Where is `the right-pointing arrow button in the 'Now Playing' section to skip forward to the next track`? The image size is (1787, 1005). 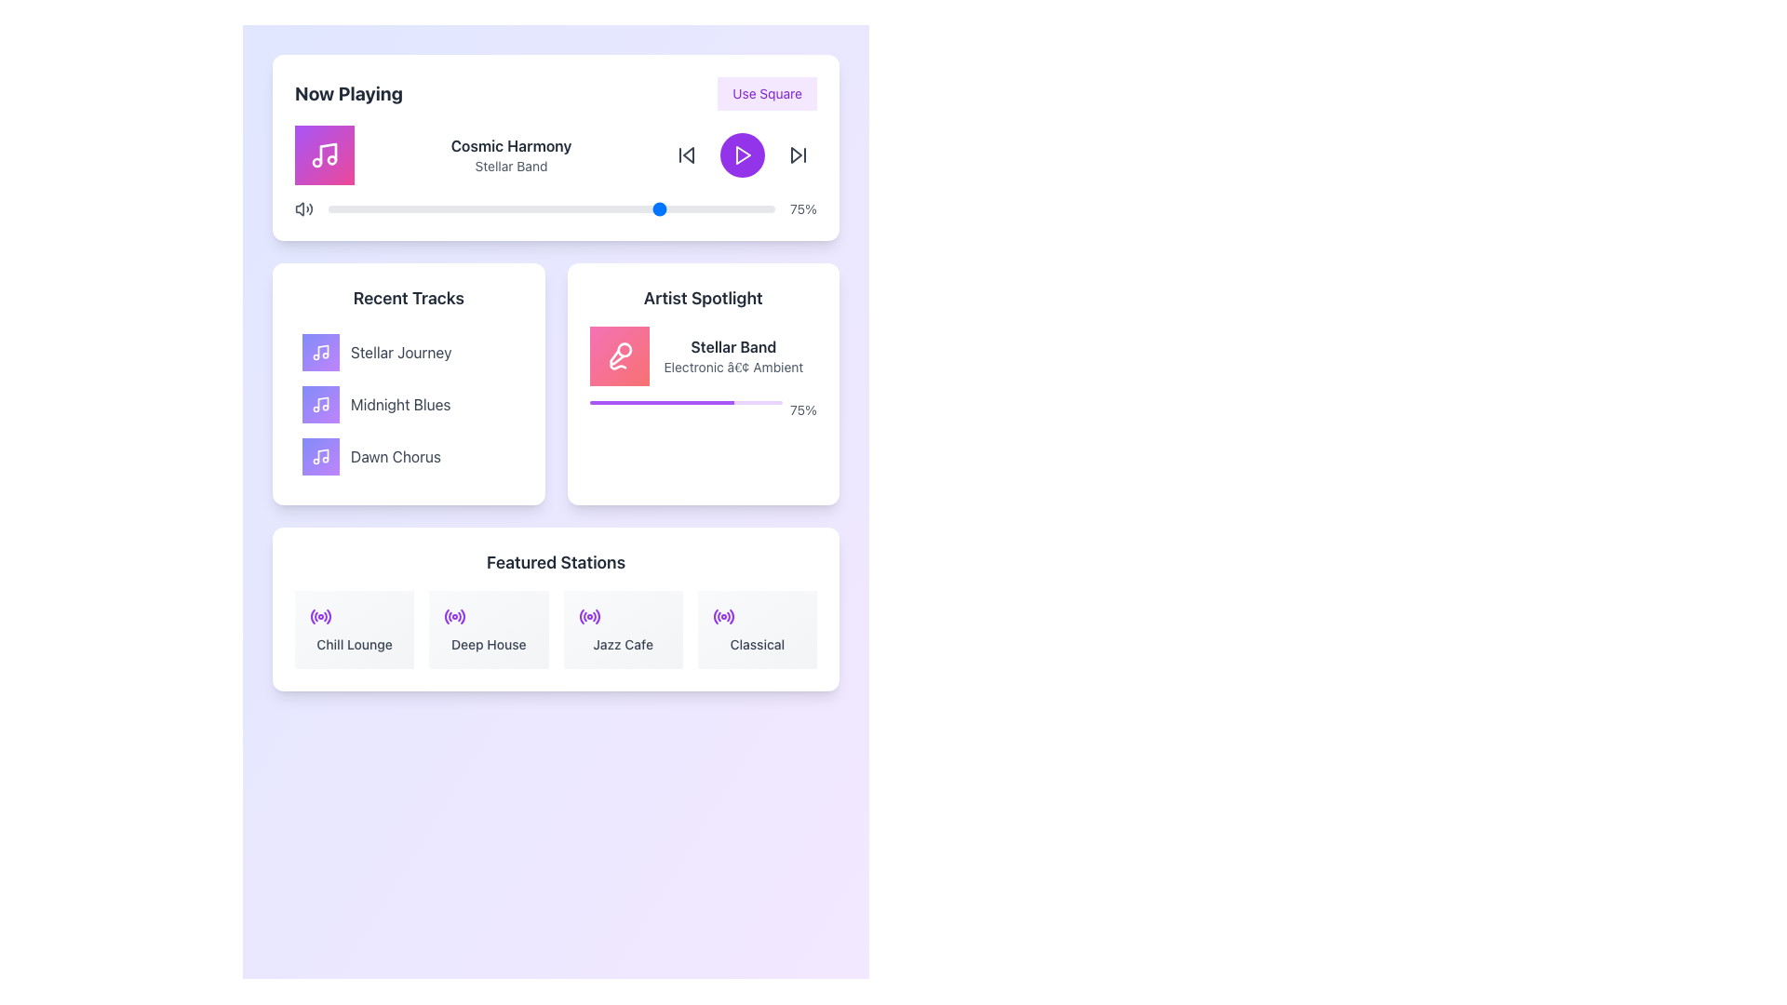 the right-pointing arrow button in the 'Now Playing' section to skip forward to the next track is located at coordinates (799, 154).